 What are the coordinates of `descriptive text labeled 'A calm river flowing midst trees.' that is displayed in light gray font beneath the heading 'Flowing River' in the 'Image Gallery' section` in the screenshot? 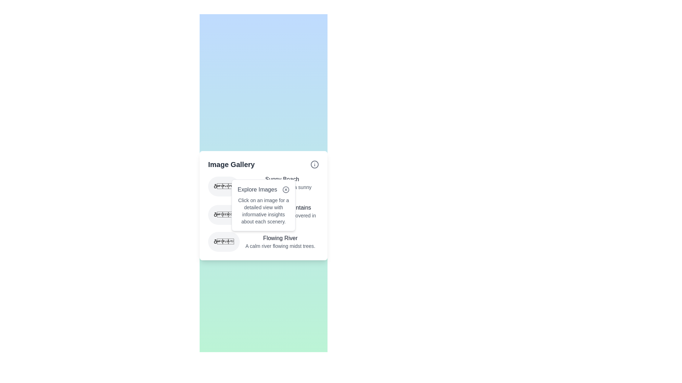 It's located at (280, 246).